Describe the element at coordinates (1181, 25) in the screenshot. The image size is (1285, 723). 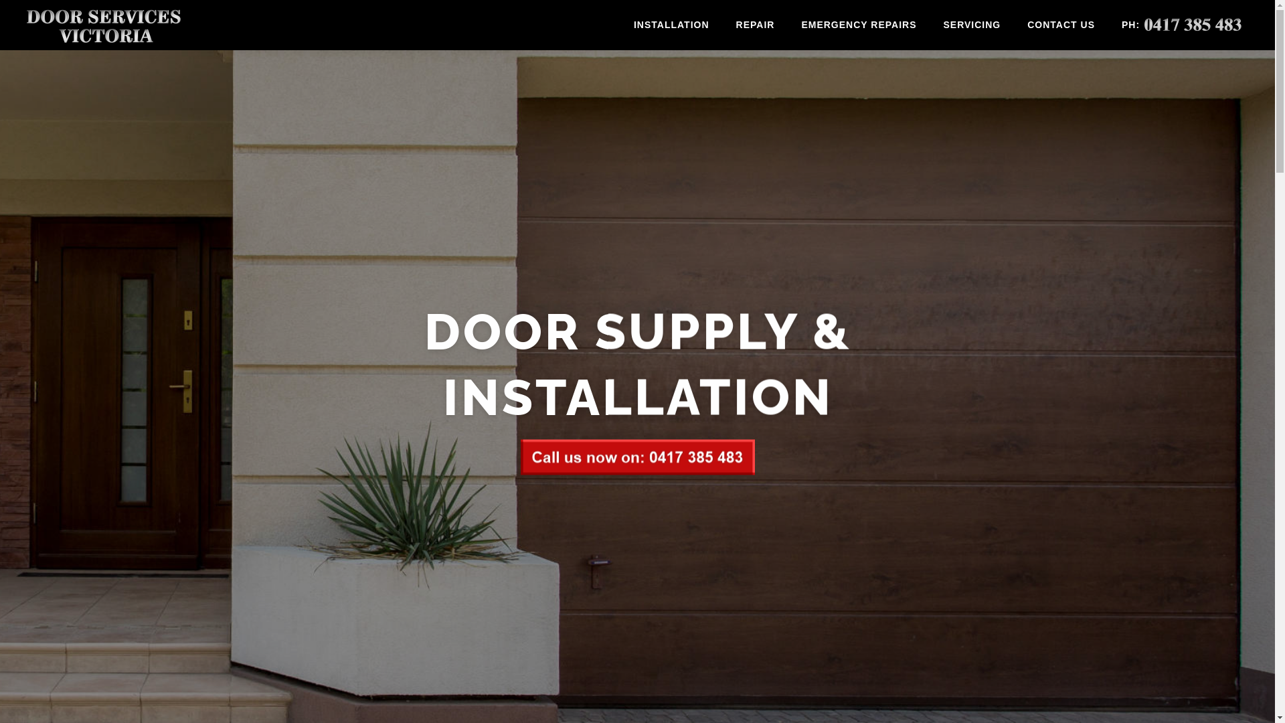
I see `'PH:'` at that location.